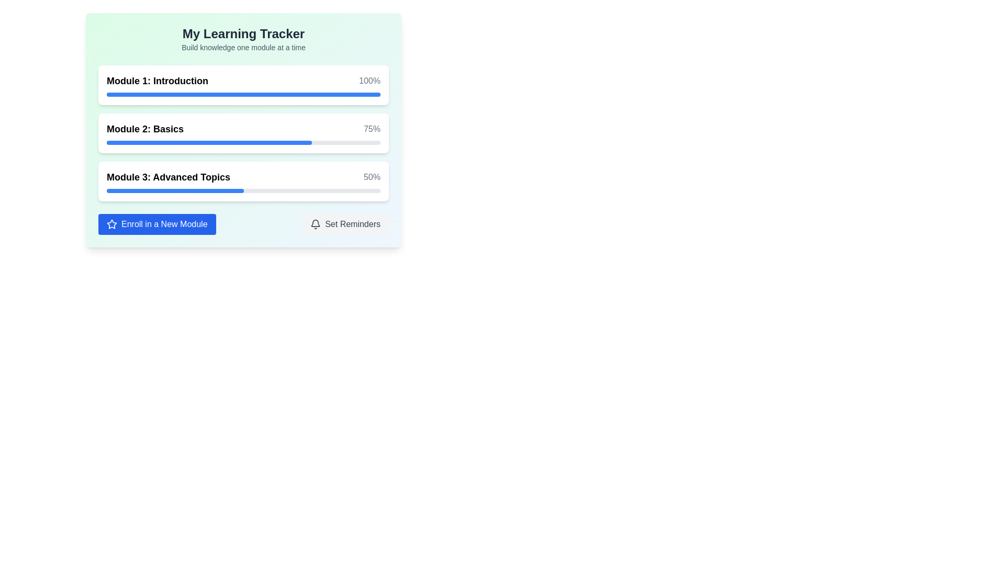 The image size is (1005, 565). What do you see at coordinates (243, 191) in the screenshot?
I see `the progress bar representing 50% completion of 'Module 3: Advanced Topics', which is centrally aligned under its label` at bounding box center [243, 191].